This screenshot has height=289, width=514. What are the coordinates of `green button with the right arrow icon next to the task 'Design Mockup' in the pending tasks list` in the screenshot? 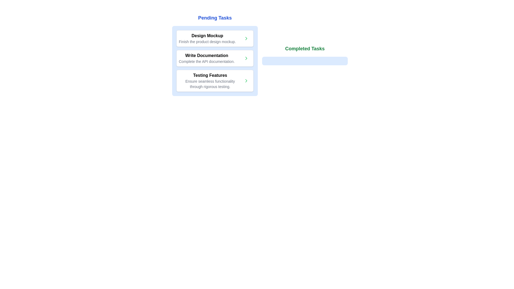 It's located at (246, 38).